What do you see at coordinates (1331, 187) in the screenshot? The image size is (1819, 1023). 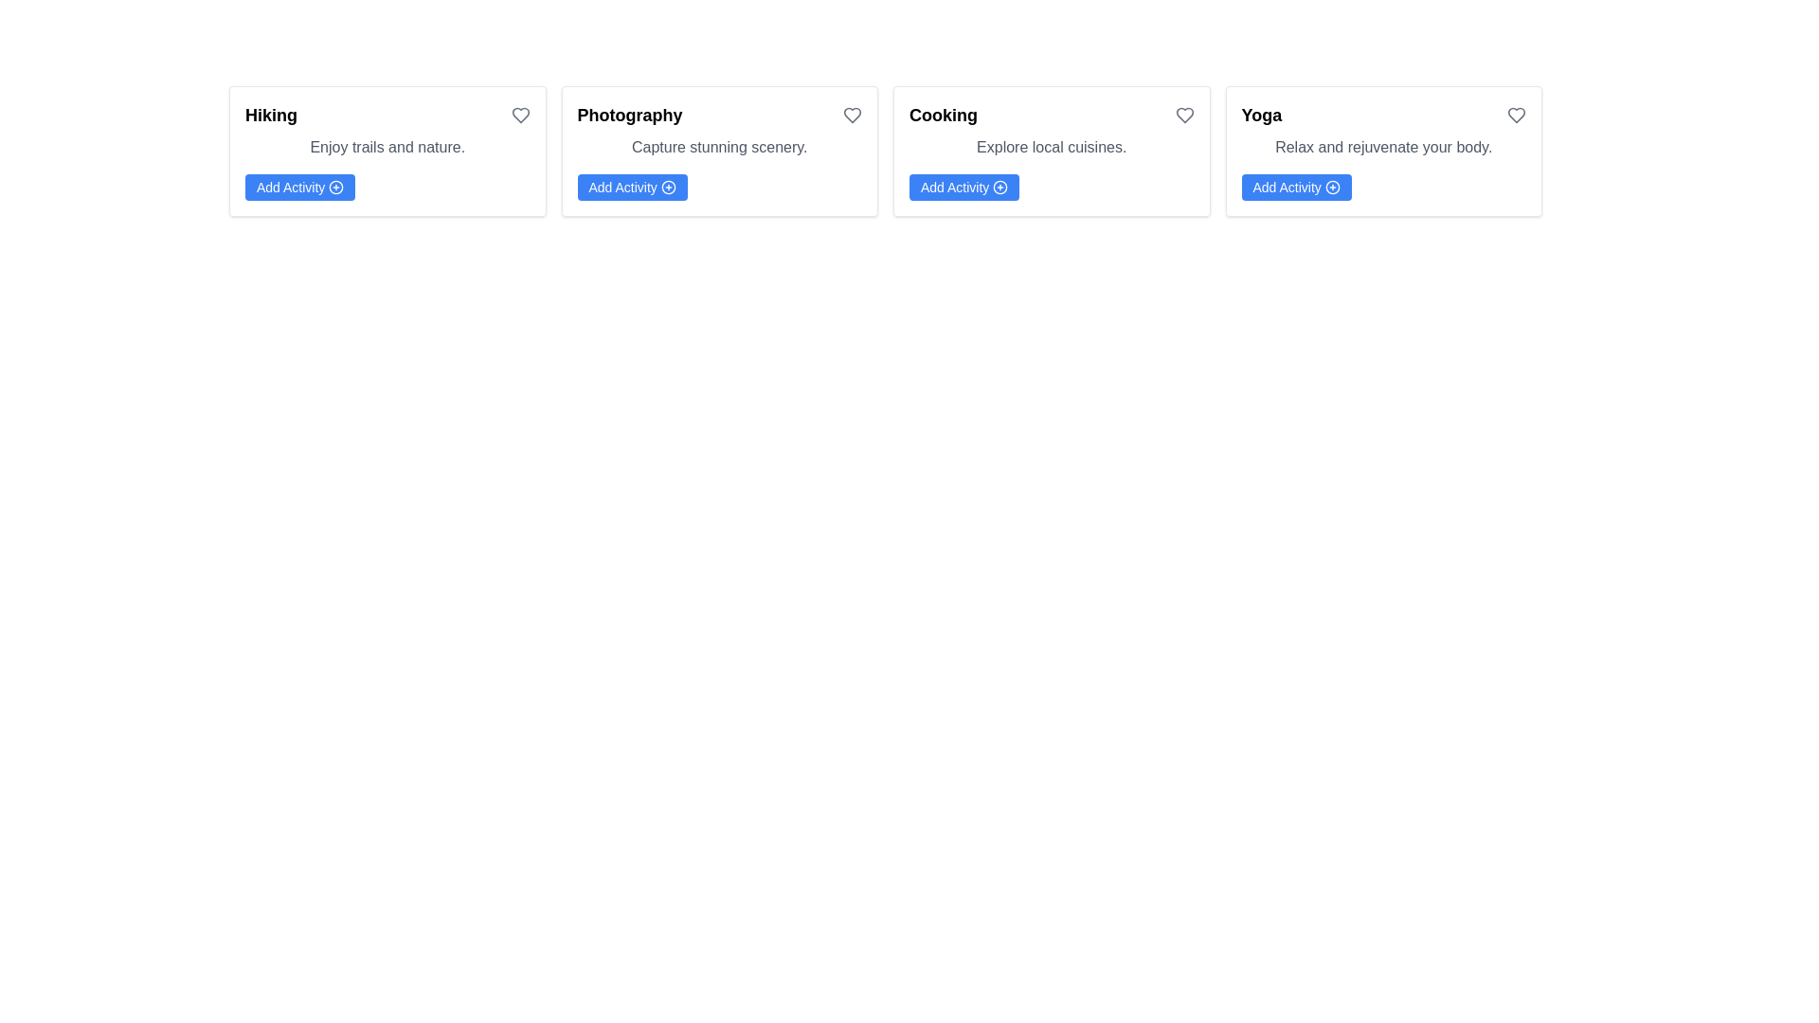 I see `the Decorative Icon, which is a circular blue icon with a plus sign at its center, part of the 'Add Activity' button in the fourth Yoga card` at bounding box center [1331, 187].